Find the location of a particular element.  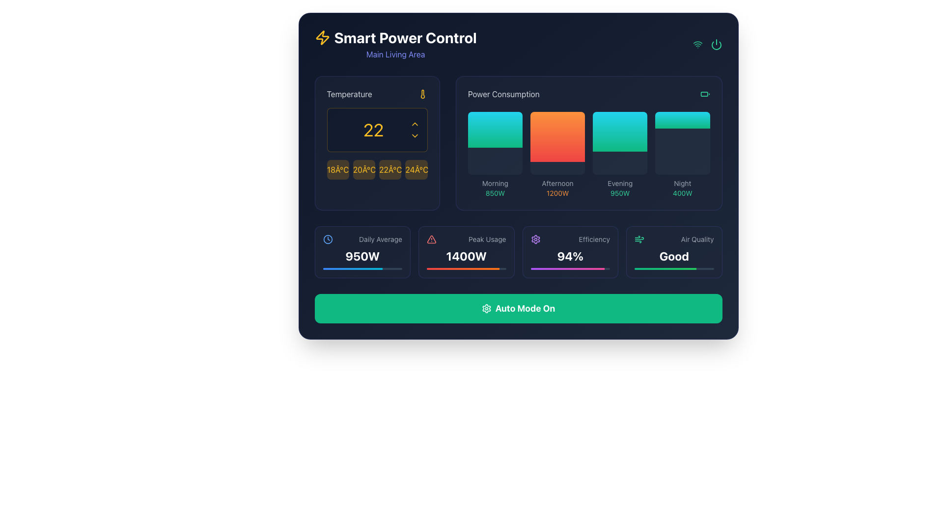

the clock icon located to the left of the 'Daily Average' text, which symbolizes time and enhances the context of this section is located at coordinates (328, 239).